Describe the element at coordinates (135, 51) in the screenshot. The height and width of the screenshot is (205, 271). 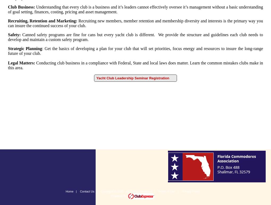
I see `'Get the basics of developing a plan for your club that will set priorities, focus energy and resources to insure the long-range future of your club.'` at that location.